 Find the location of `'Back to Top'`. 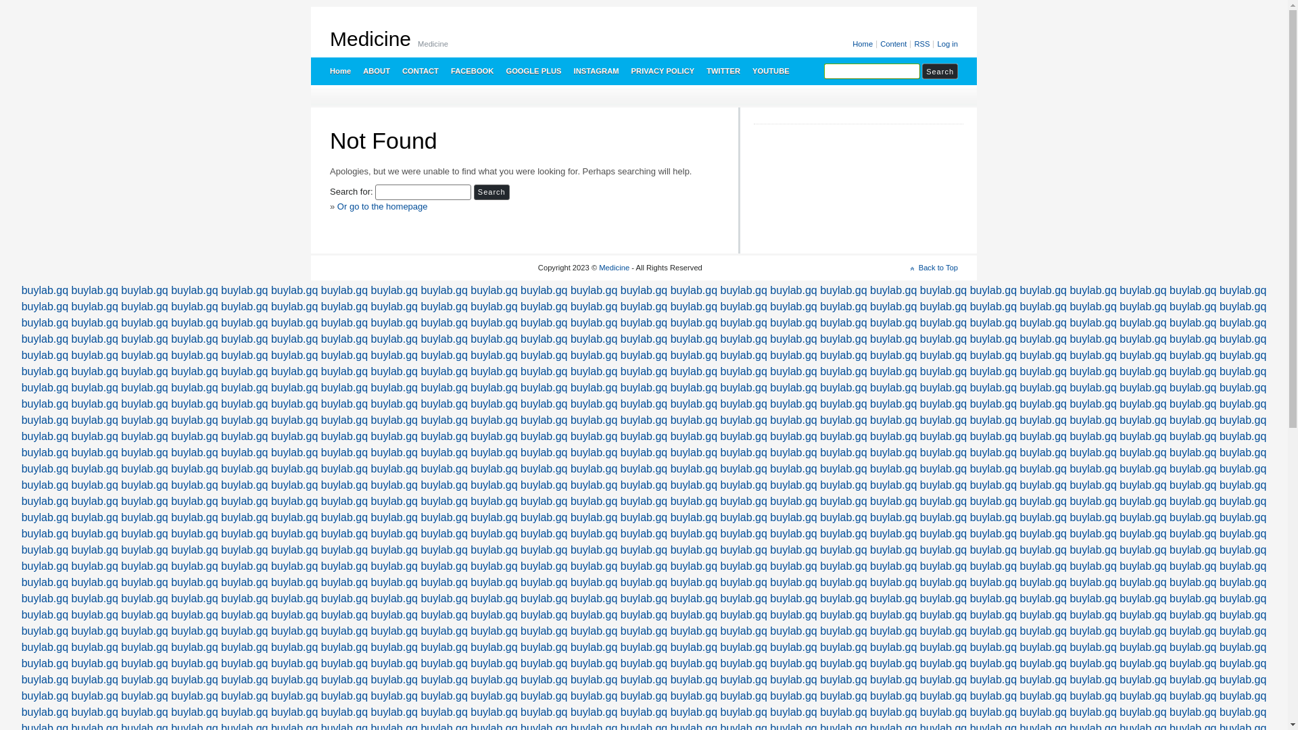

'Back to Top' is located at coordinates (911, 268).